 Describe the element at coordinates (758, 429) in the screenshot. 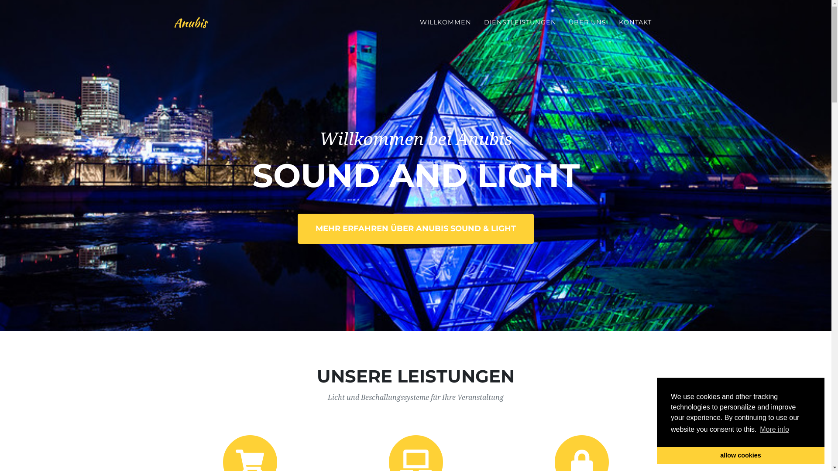

I see `'More info'` at that location.